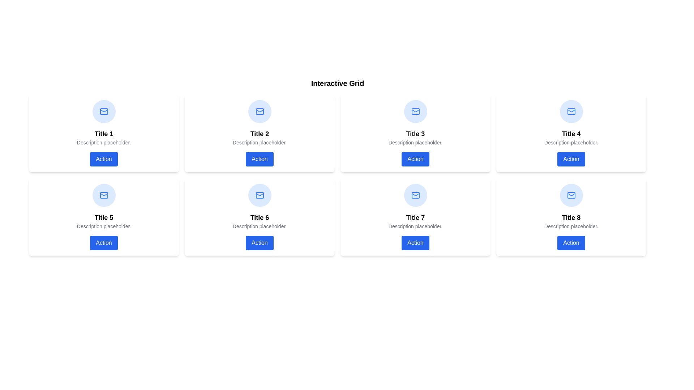 The image size is (694, 390). Describe the element at coordinates (415, 111) in the screenshot. I see `the central mail icon in the 'Title 3' card, located in the second column of the first row of the grid` at that location.